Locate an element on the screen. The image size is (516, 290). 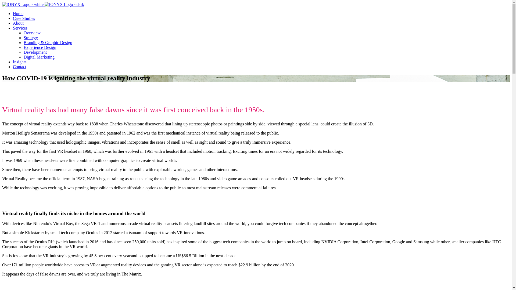
'Insights' is located at coordinates (20, 61).